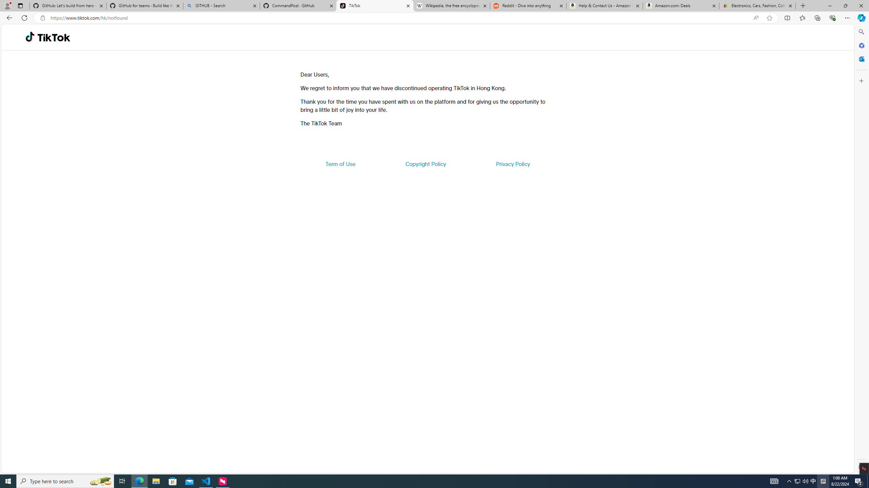 The image size is (869, 488). What do you see at coordinates (604, 5) in the screenshot?
I see `'Help & Contact Us - Amazon Customer Service'` at bounding box center [604, 5].